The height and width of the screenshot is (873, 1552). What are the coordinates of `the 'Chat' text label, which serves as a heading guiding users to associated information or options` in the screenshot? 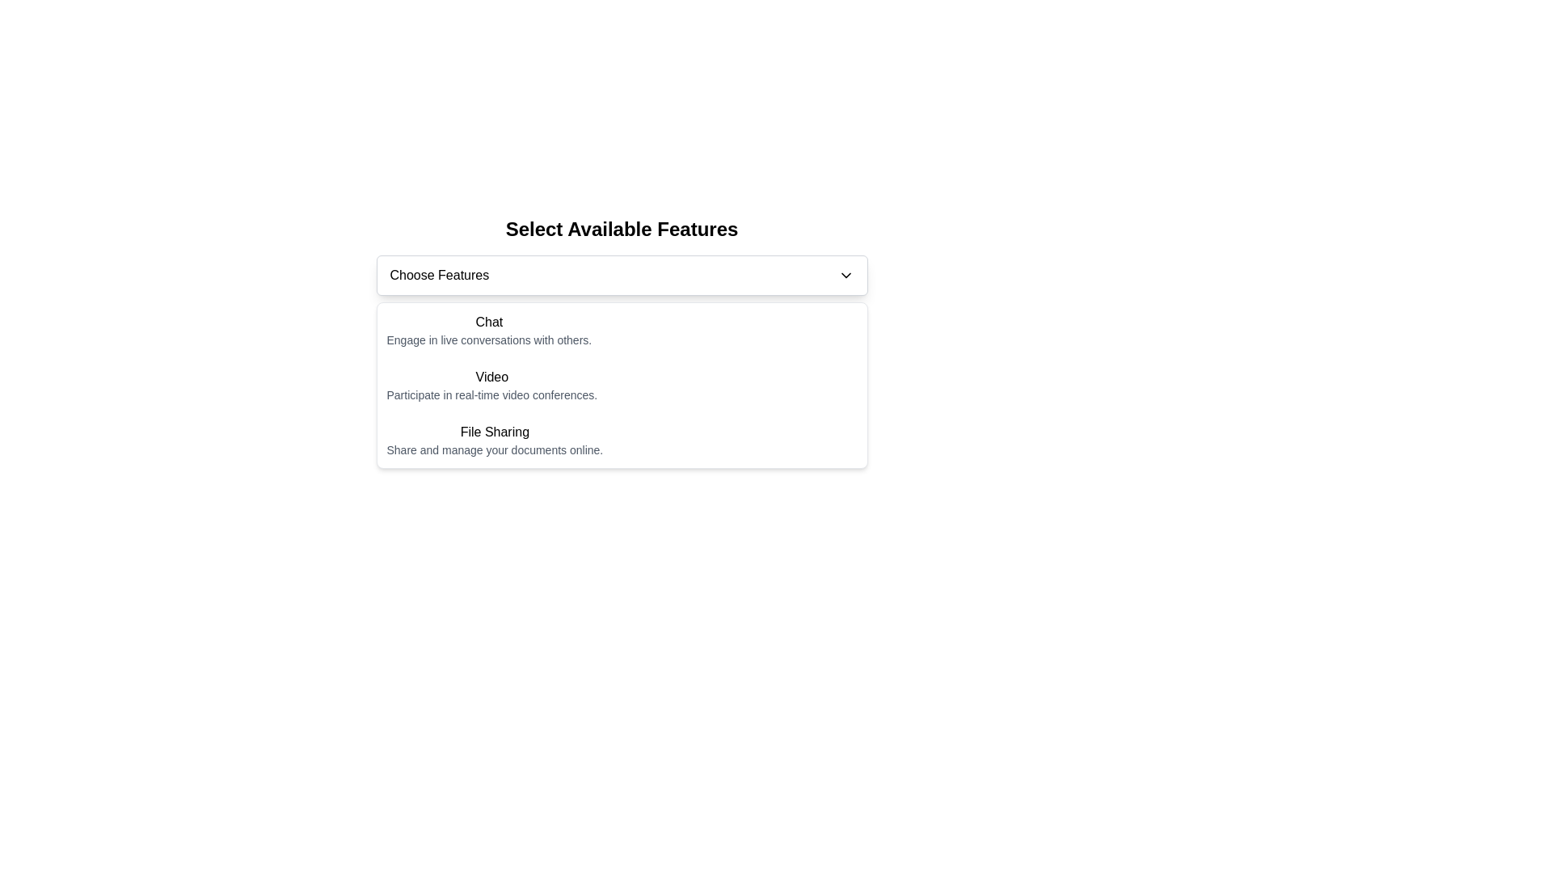 It's located at (488, 322).